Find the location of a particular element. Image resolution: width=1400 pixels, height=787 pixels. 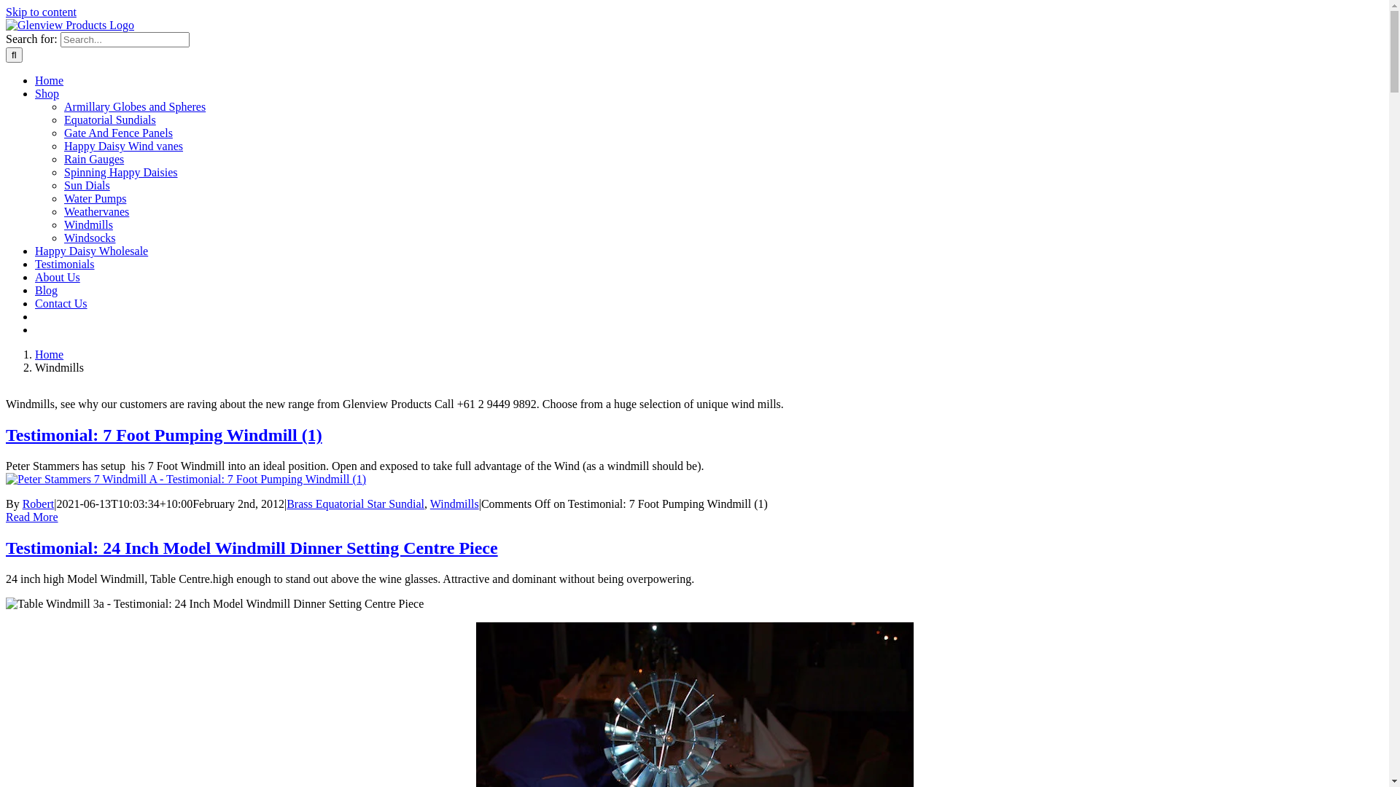

'Read More' is located at coordinates (6, 516).